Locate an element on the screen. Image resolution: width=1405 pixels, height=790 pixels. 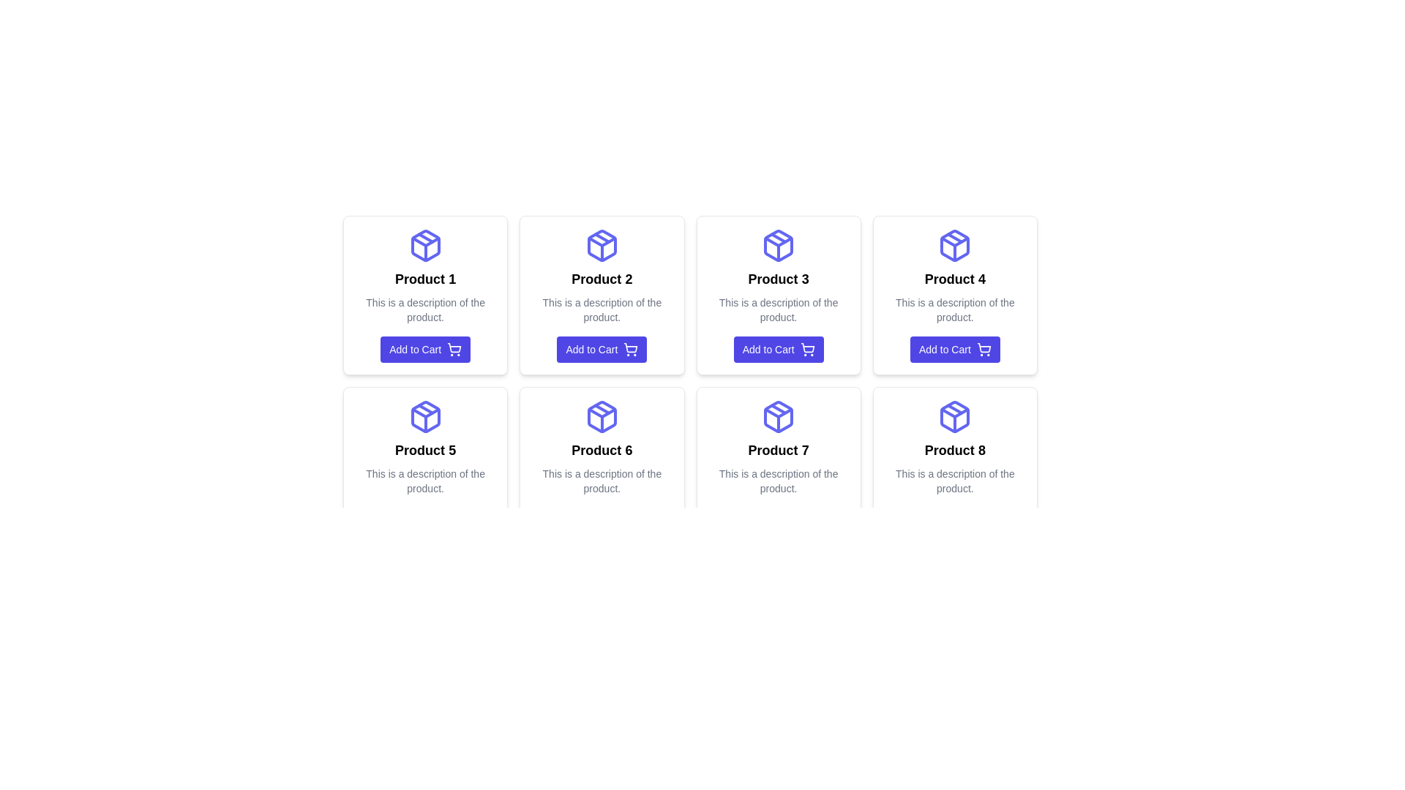
the product name text label, which is the top textual component within its card layout, located in the first row, third column of the grid layout is located at coordinates (778, 279).